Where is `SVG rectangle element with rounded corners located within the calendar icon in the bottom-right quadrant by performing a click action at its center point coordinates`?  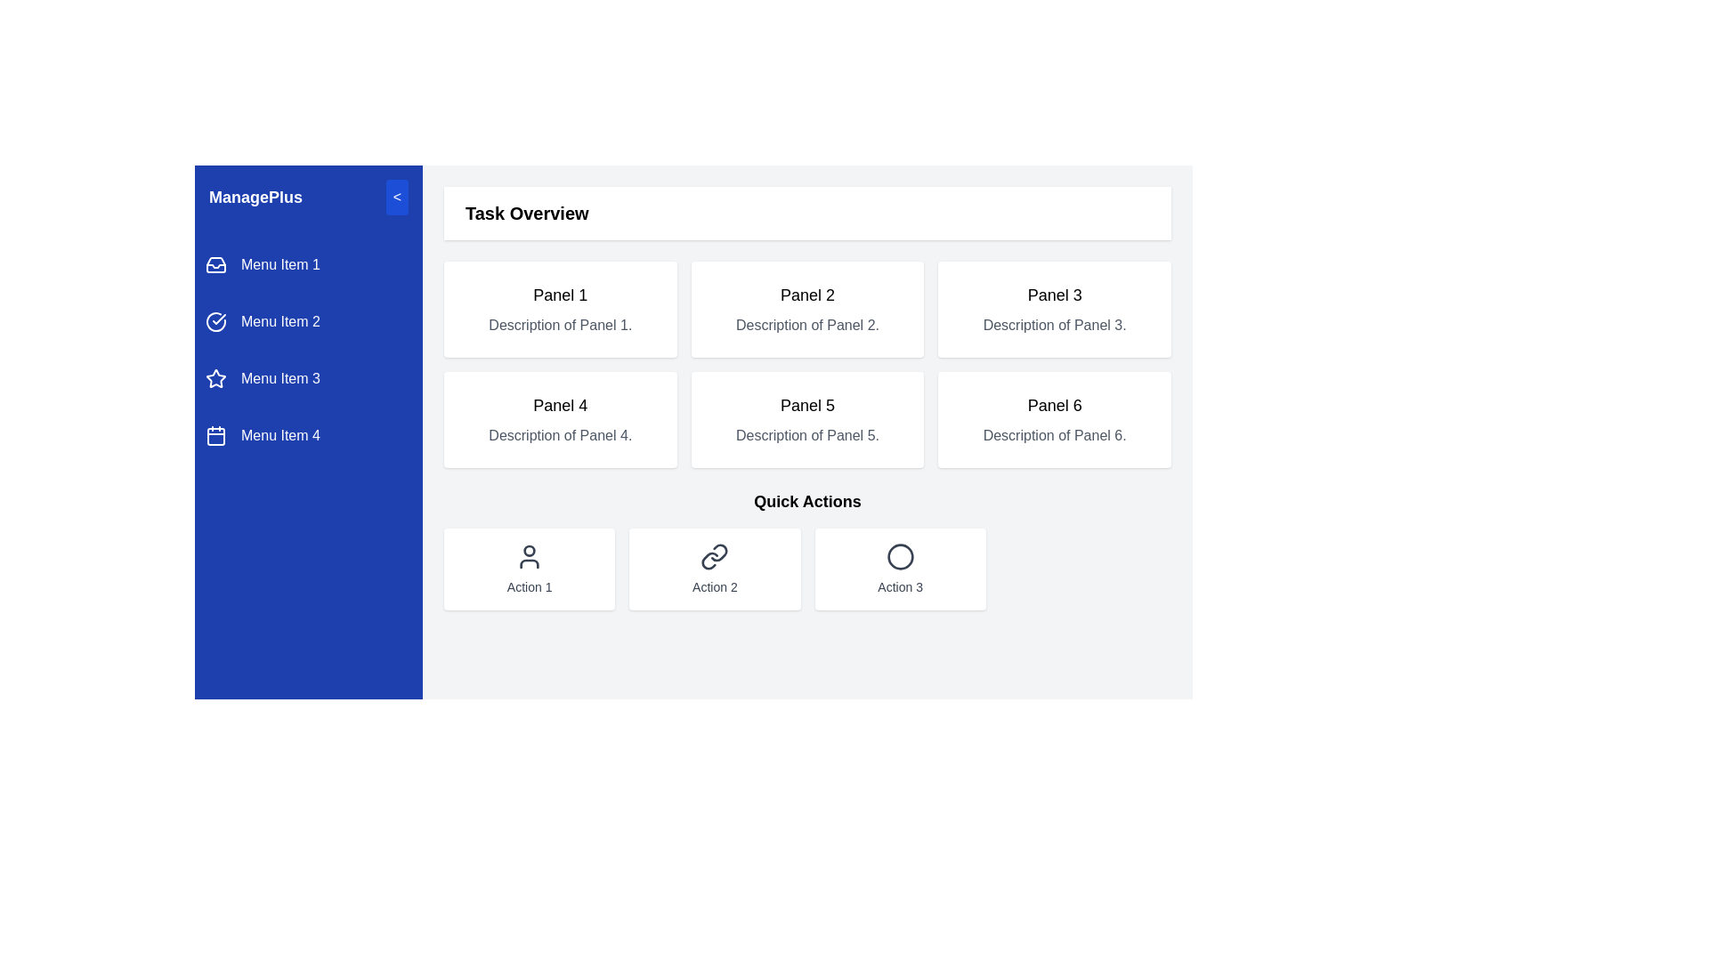 SVG rectangle element with rounded corners located within the calendar icon in the bottom-right quadrant by performing a click action at its center point coordinates is located at coordinates (215, 436).